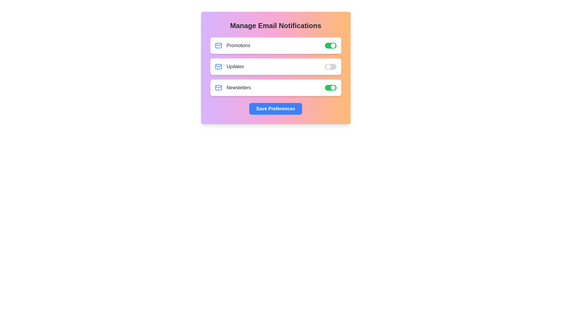  Describe the element at coordinates (275, 25) in the screenshot. I see `the title 'Manage Email Notifications' by clicking on it` at that location.